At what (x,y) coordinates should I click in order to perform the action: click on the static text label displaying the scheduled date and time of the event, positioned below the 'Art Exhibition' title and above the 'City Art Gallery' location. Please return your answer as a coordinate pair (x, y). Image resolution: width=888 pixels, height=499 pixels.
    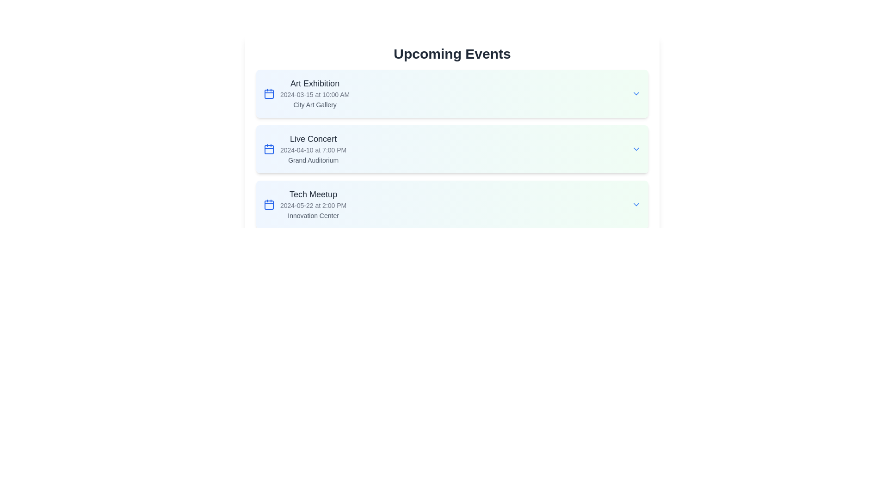
    Looking at the image, I should click on (315, 94).